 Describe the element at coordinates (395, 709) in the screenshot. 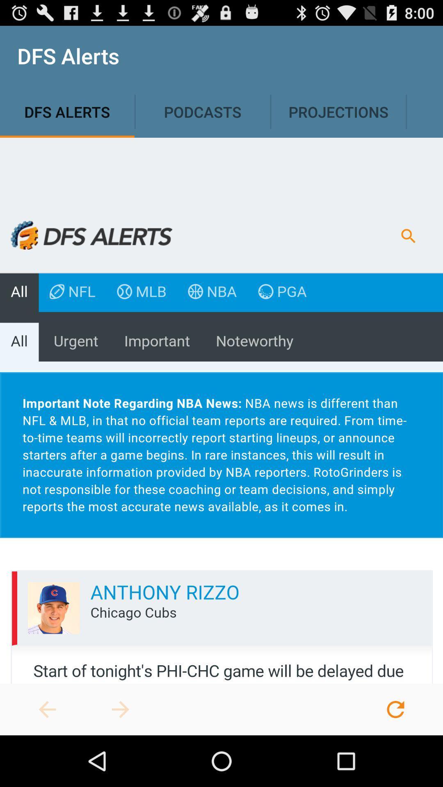

I see `reload` at that location.